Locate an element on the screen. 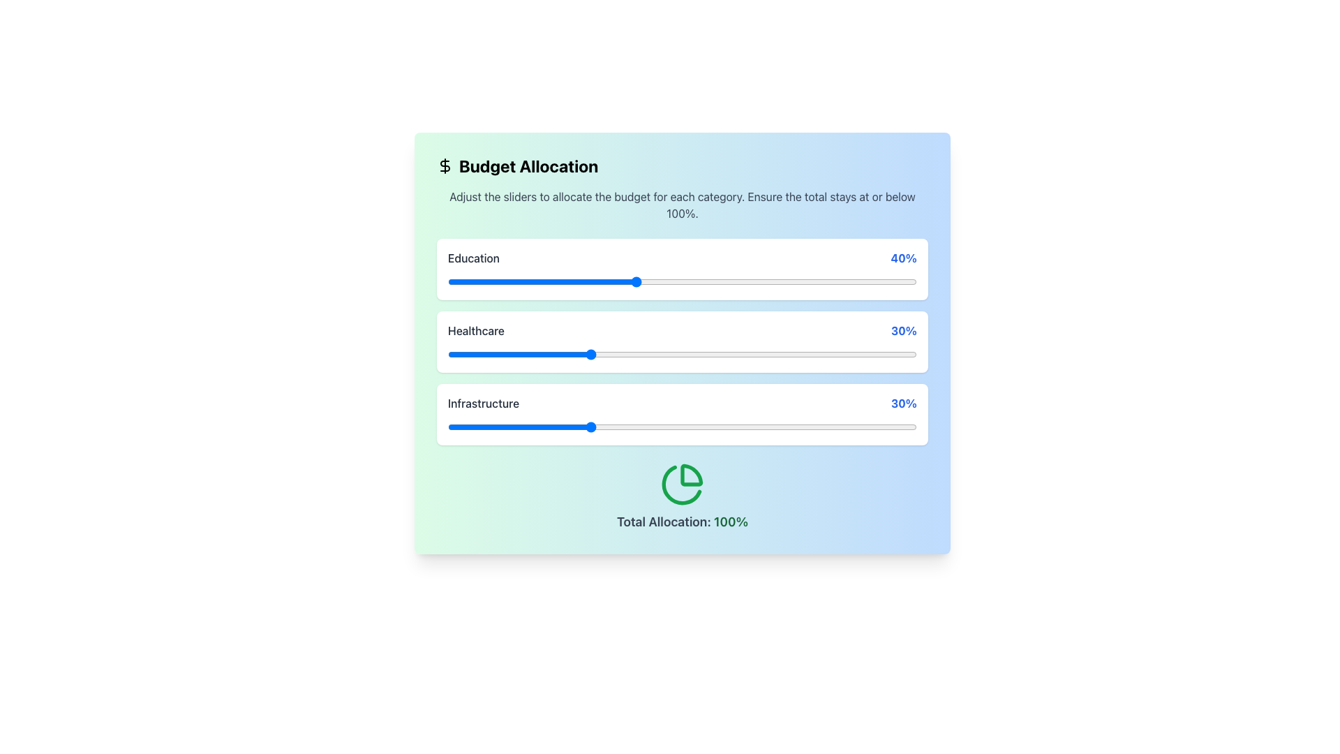 This screenshot has height=754, width=1340. healthcare budget allocation is located at coordinates (701, 354).